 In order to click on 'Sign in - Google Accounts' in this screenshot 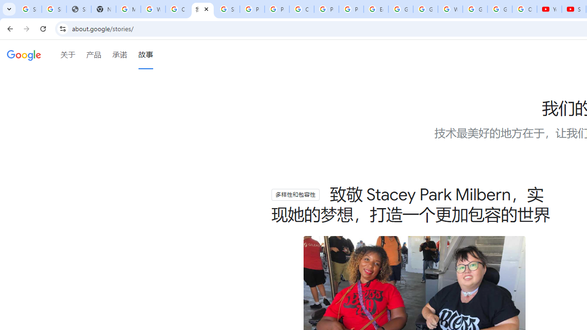, I will do `click(29, 9)`.